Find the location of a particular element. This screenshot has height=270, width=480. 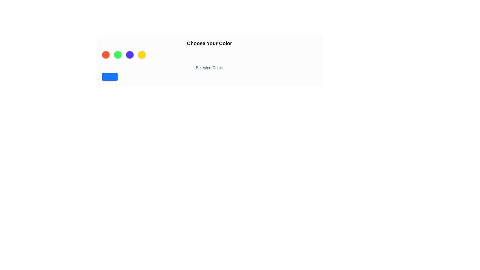

the solid purple circular button located between the green and yellow circles is located at coordinates (130, 55).